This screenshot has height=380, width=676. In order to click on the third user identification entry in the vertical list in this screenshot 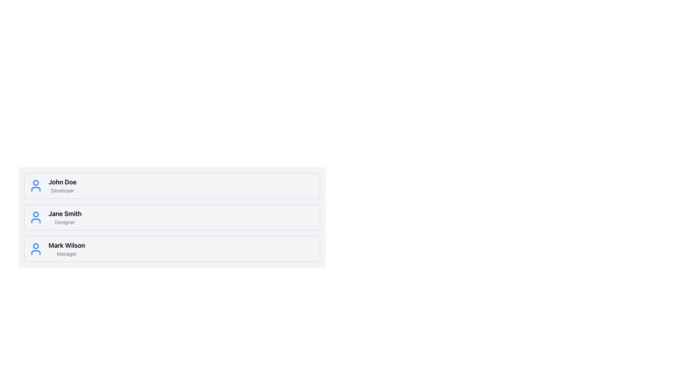, I will do `click(67, 249)`.